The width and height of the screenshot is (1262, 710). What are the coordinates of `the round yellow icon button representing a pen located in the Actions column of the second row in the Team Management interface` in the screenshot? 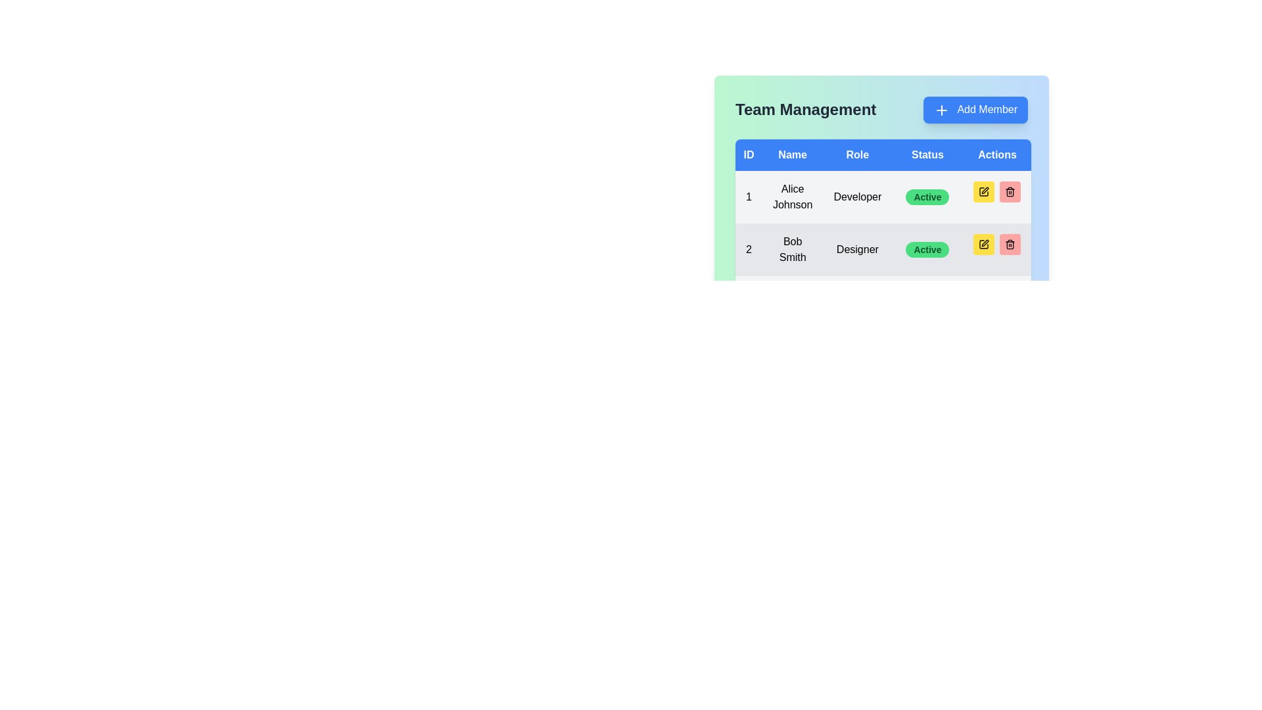 It's located at (984, 244).